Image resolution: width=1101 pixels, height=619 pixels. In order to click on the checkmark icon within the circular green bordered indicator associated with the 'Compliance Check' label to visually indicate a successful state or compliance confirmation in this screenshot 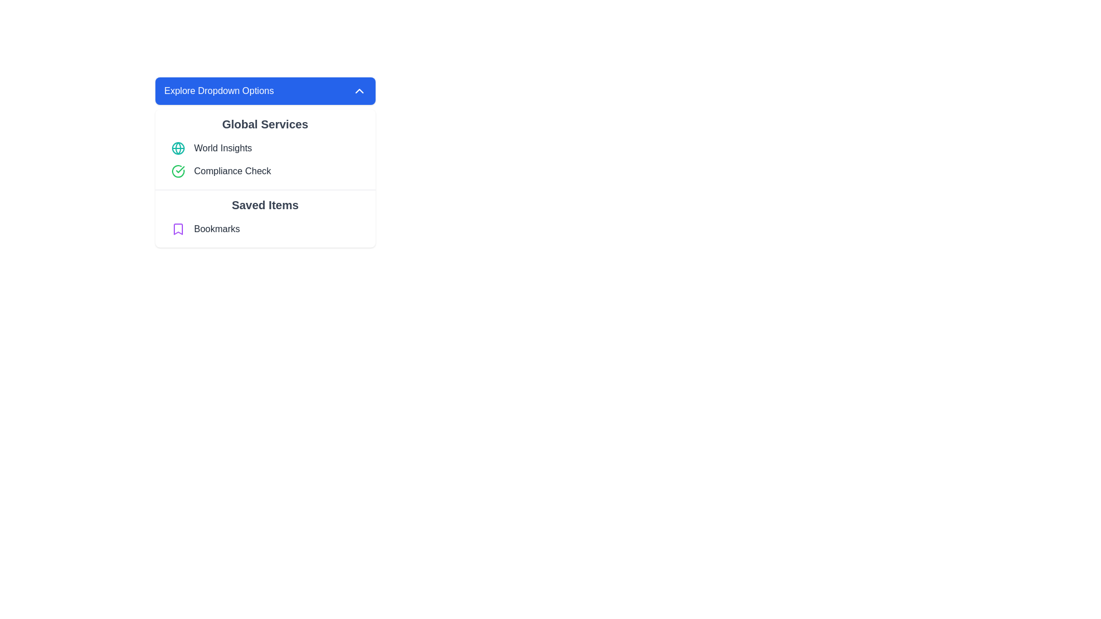, I will do `click(179, 170)`.